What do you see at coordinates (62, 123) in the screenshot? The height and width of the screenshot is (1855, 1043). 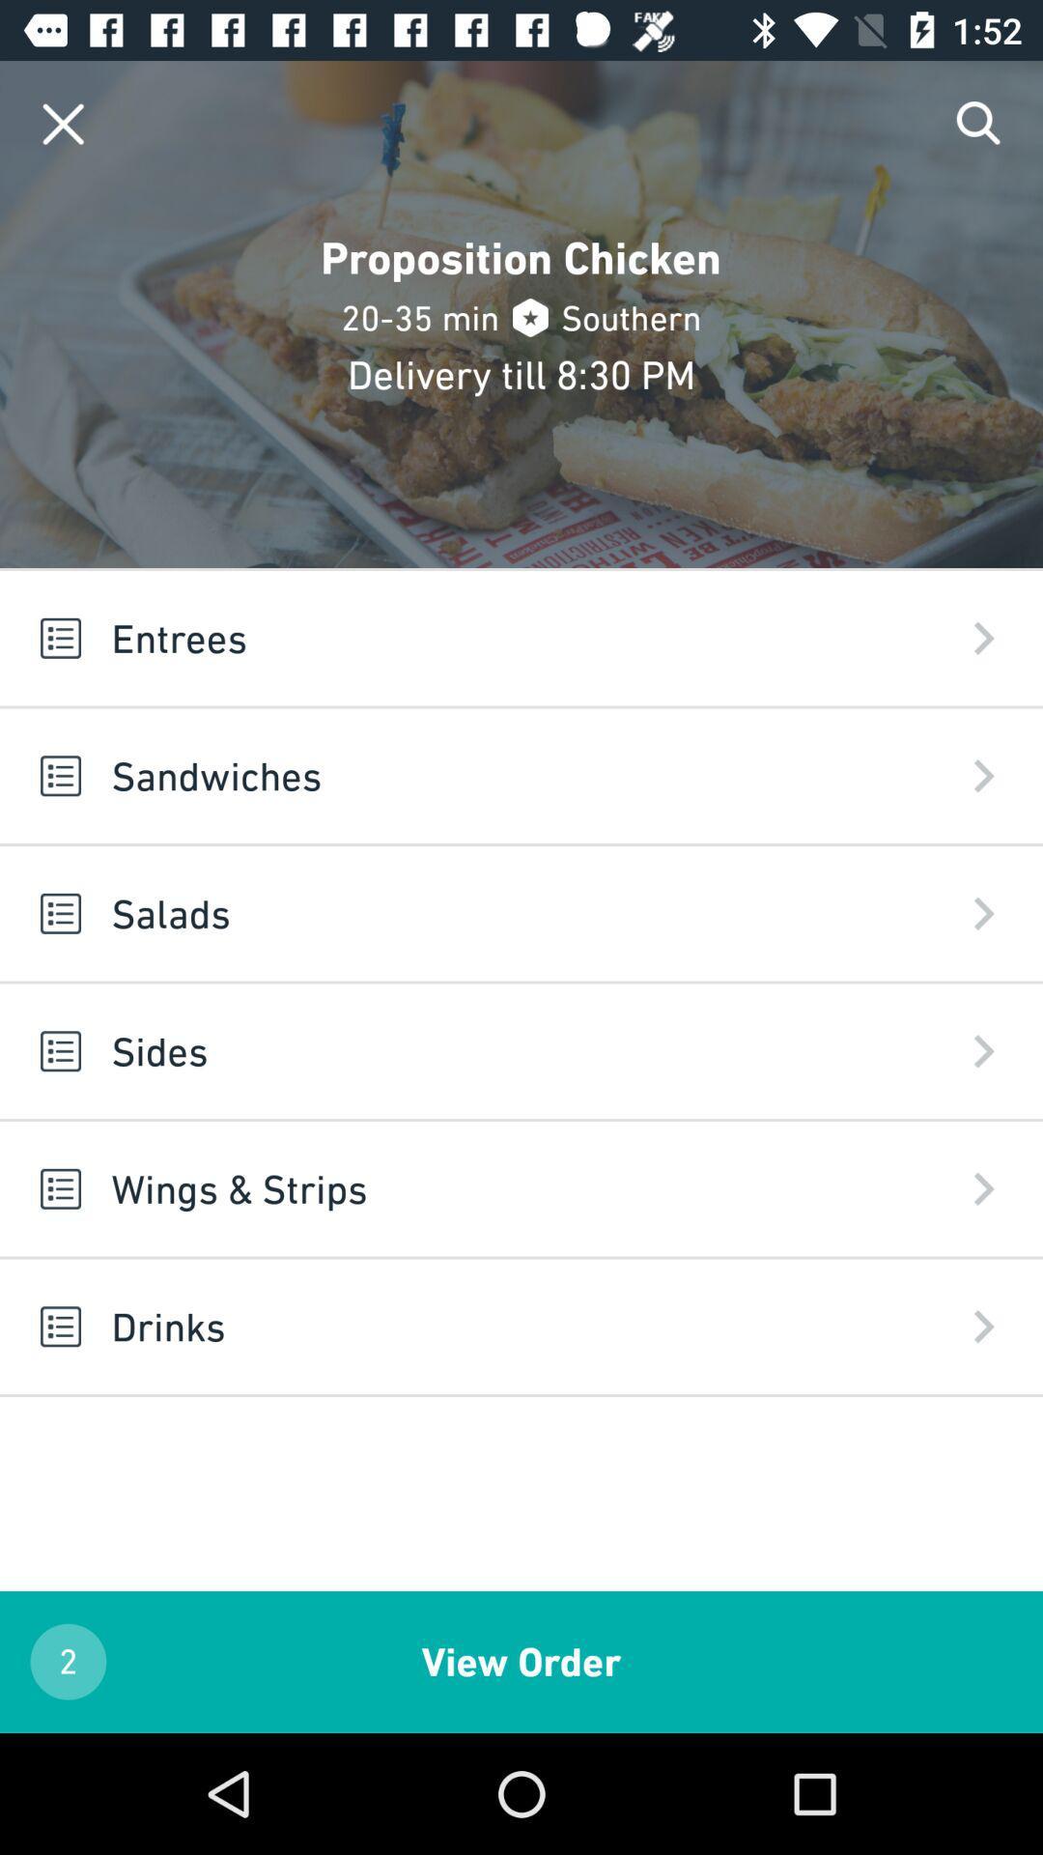 I see `menu` at bounding box center [62, 123].